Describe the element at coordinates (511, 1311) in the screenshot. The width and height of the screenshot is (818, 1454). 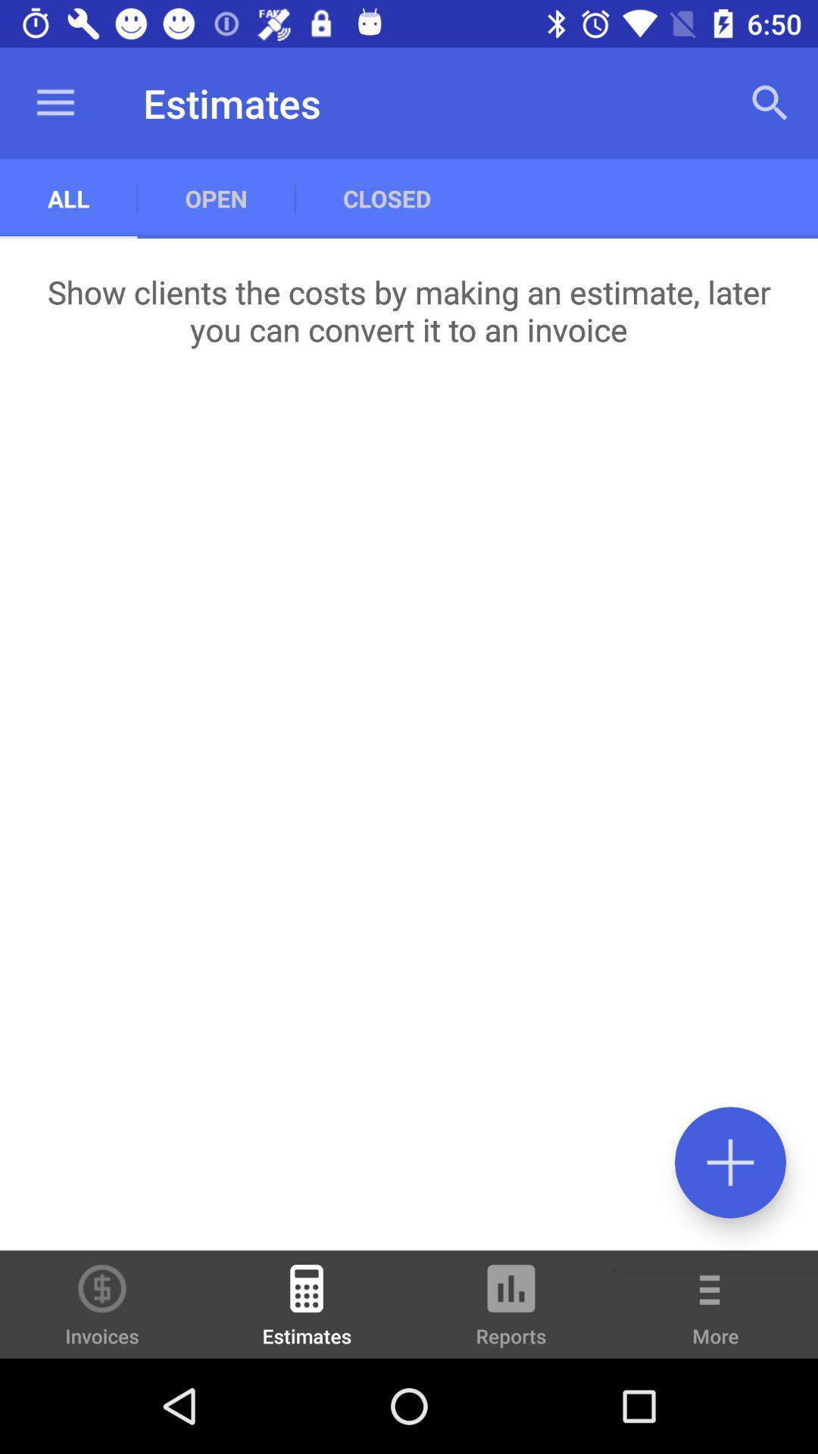
I see `the icon next to estimates item` at that location.